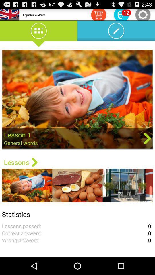  I want to click on the symbol which is second to the left of settings symbol, so click(98, 14).